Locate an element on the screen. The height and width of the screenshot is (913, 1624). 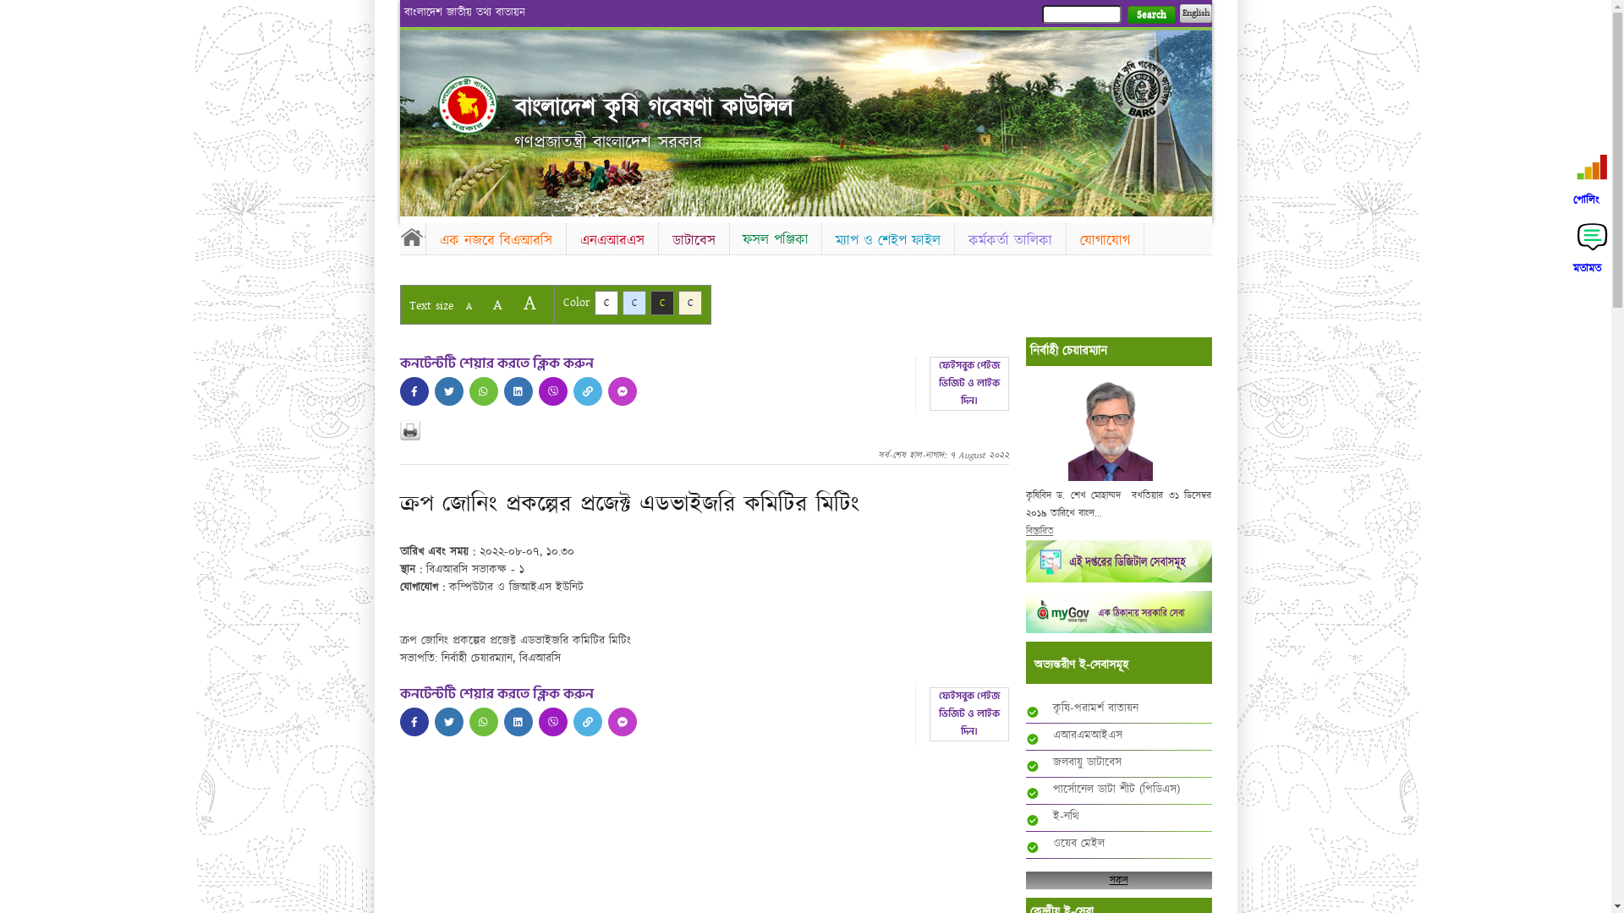
'A' is located at coordinates (528, 302).